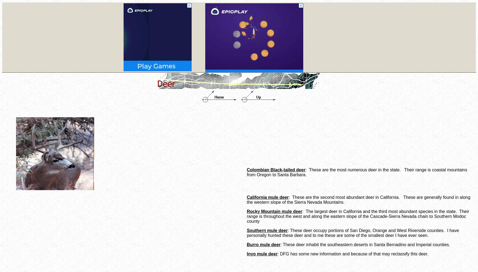  I want to click on ':  The largest deer
    in California and the third most abundant species in the state.  Their range is
    throughout the west and along the eastern slope of the Cascade-Sierra Nevada chain to
    Southern Modoc county', so click(246, 216).